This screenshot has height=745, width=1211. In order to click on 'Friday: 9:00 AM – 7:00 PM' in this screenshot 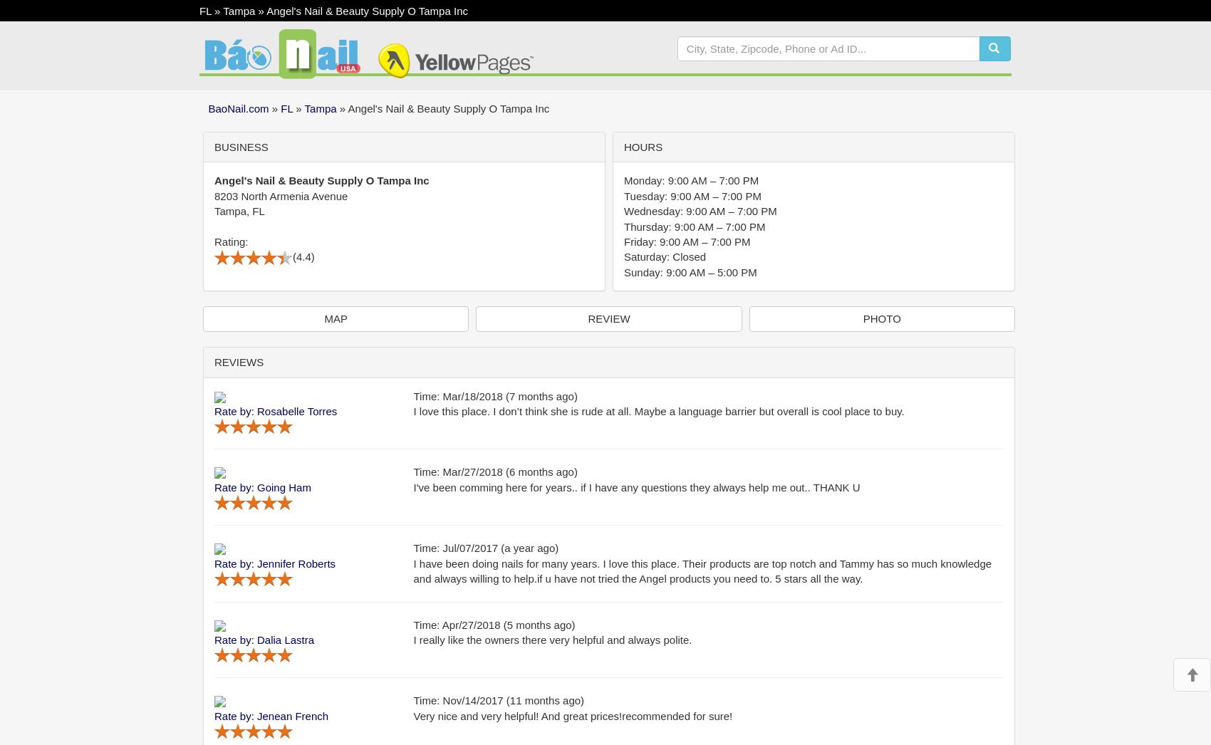, I will do `click(624, 241)`.